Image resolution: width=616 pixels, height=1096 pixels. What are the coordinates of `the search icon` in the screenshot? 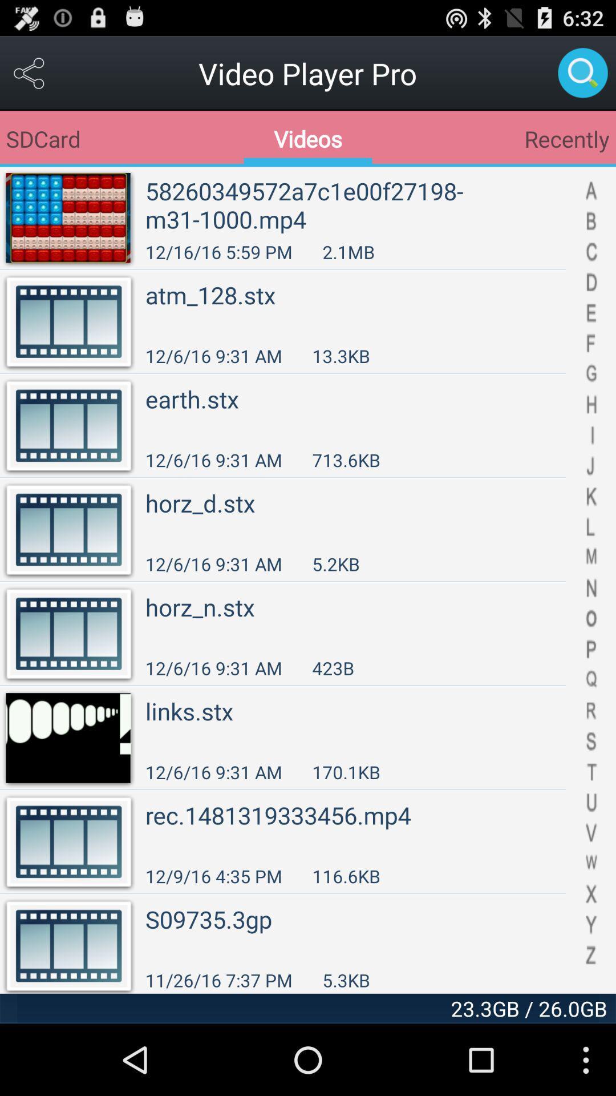 It's located at (582, 78).